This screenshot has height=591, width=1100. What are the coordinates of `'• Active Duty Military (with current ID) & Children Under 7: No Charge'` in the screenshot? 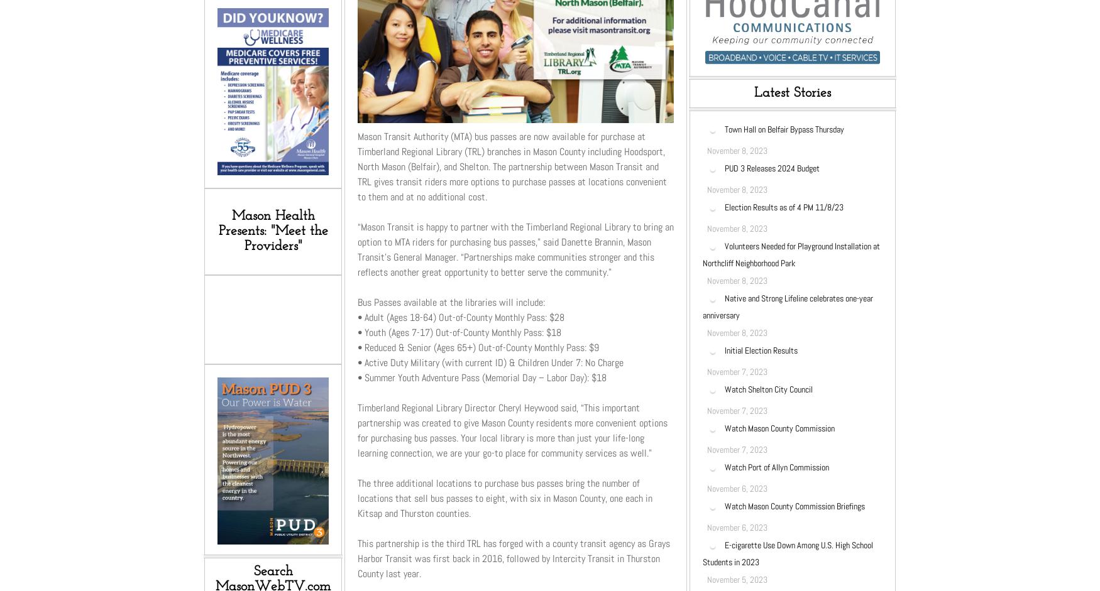 It's located at (490, 361).